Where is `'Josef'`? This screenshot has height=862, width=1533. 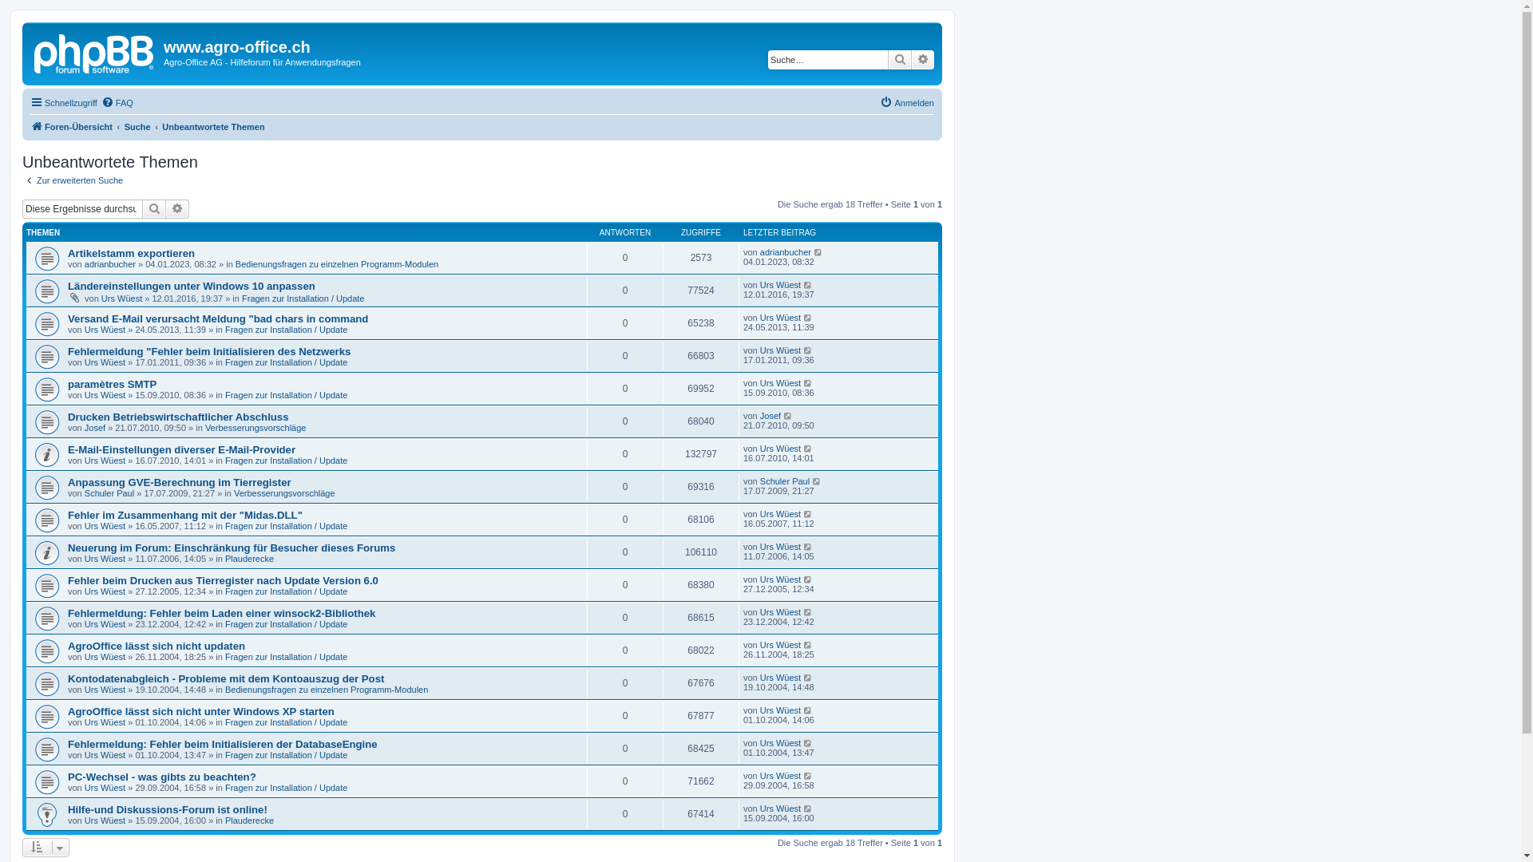
'Josef' is located at coordinates (83, 427).